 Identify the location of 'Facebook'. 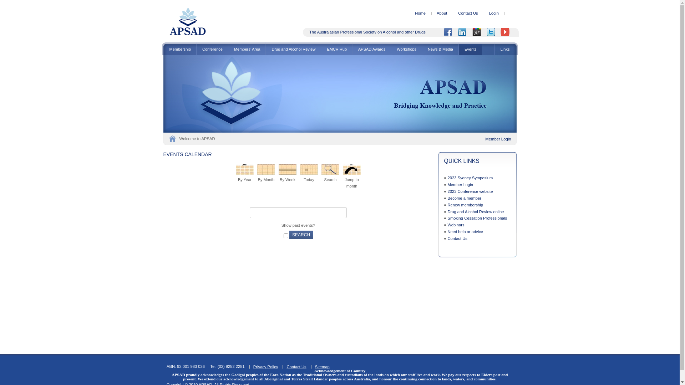
(450, 32).